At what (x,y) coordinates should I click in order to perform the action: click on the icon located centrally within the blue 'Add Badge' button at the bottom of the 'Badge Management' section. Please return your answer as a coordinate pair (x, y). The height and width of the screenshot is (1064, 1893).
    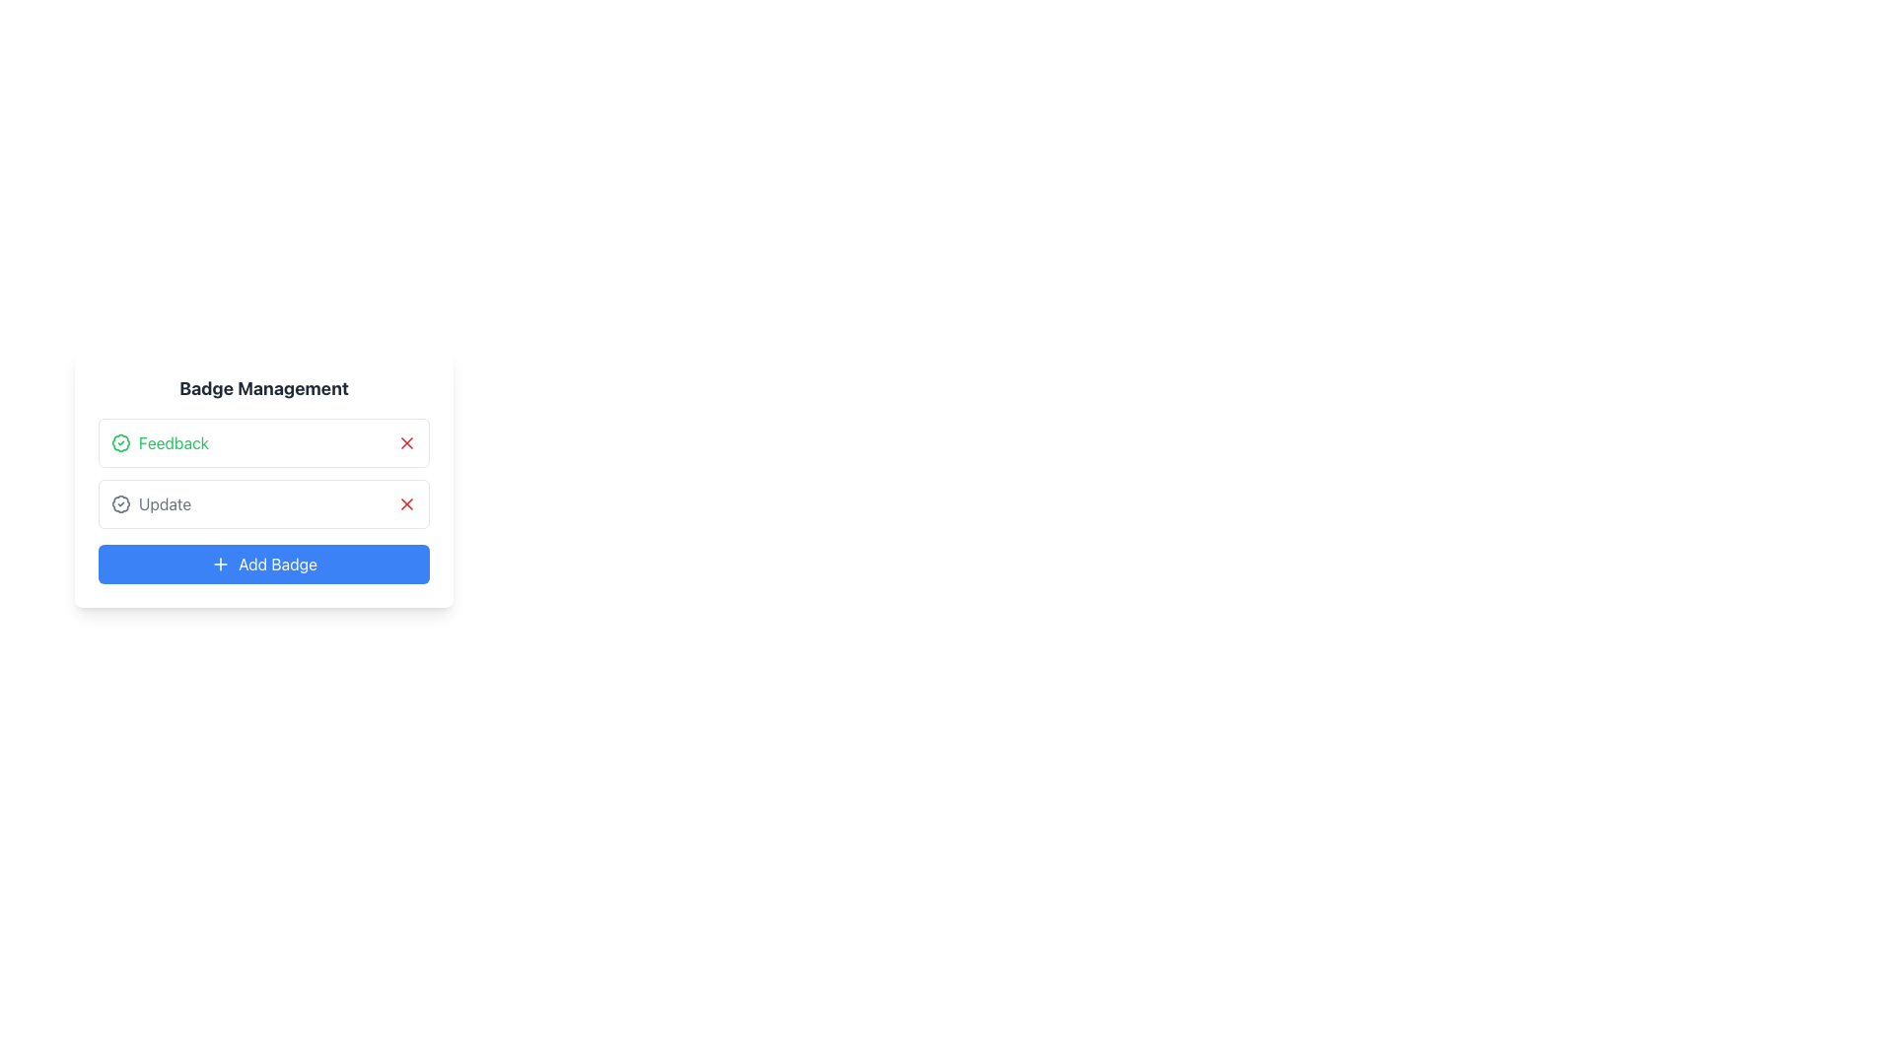
    Looking at the image, I should click on (221, 565).